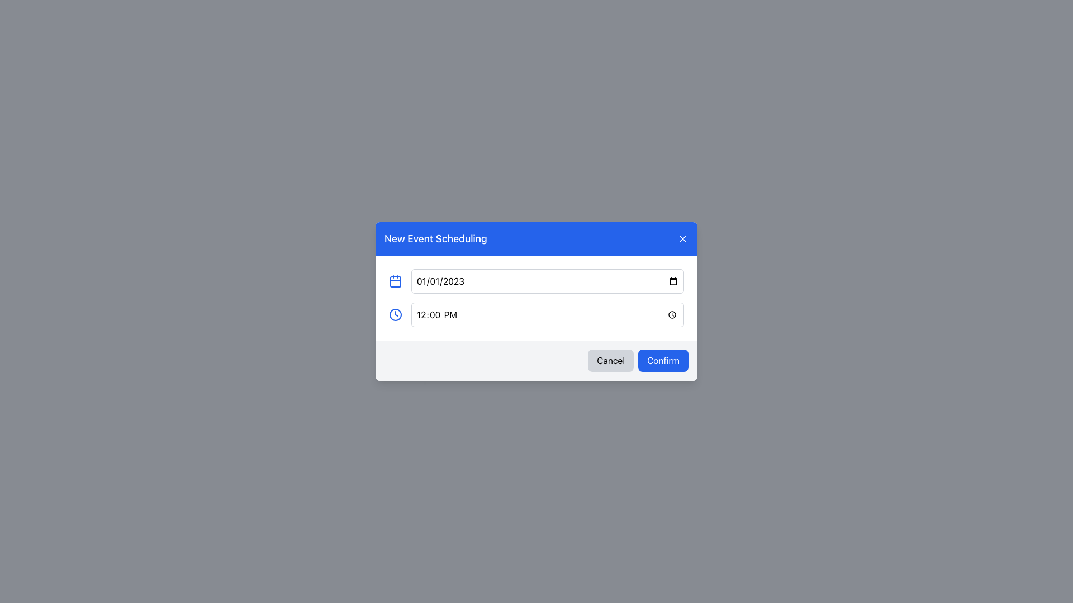  What do you see at coordinates (396, 314) in the screenshot?
I see `the blue clock icon located to the left of the time input field in the 'New Event Scheduling' dialog box` at bounding box center [396, 314].